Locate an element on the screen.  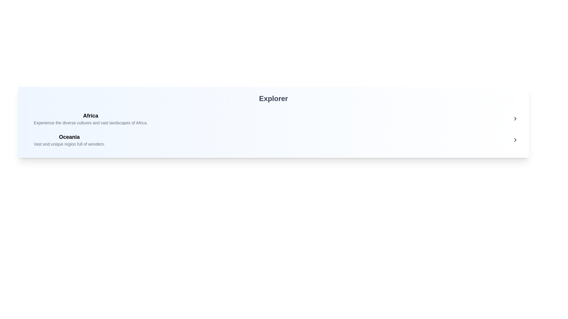
the static text label or paragraph that provides a descriptive subtext for 'Oceania', which is located below the text 'Oceania' and centered horizontally is located at coordinates (69, 144).